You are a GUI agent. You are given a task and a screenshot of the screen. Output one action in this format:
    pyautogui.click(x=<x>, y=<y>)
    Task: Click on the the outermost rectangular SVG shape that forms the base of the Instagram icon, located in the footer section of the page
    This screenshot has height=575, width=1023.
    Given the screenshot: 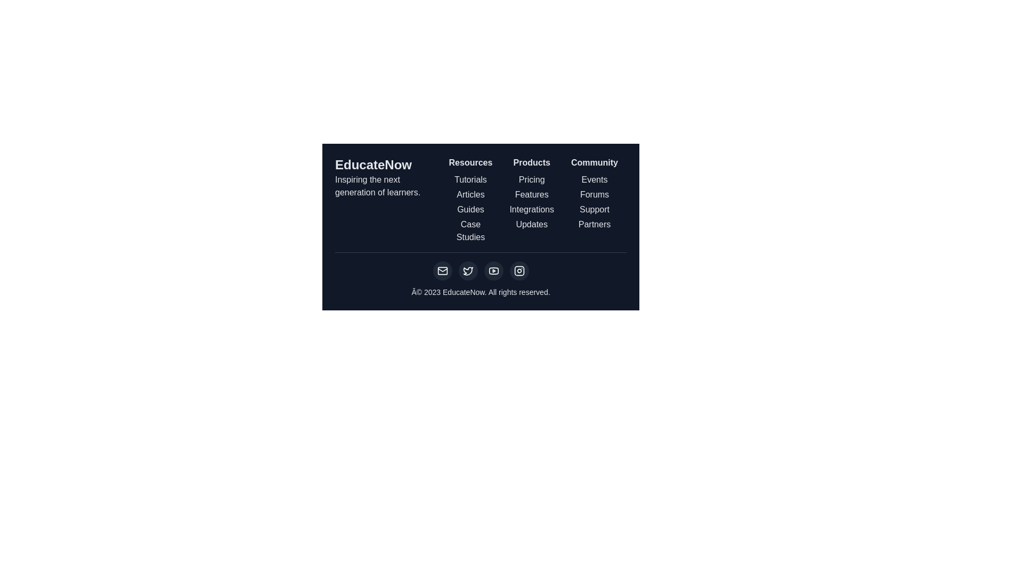 What is the action you would take?
    pyautogui.click(x=519, y=270)
    